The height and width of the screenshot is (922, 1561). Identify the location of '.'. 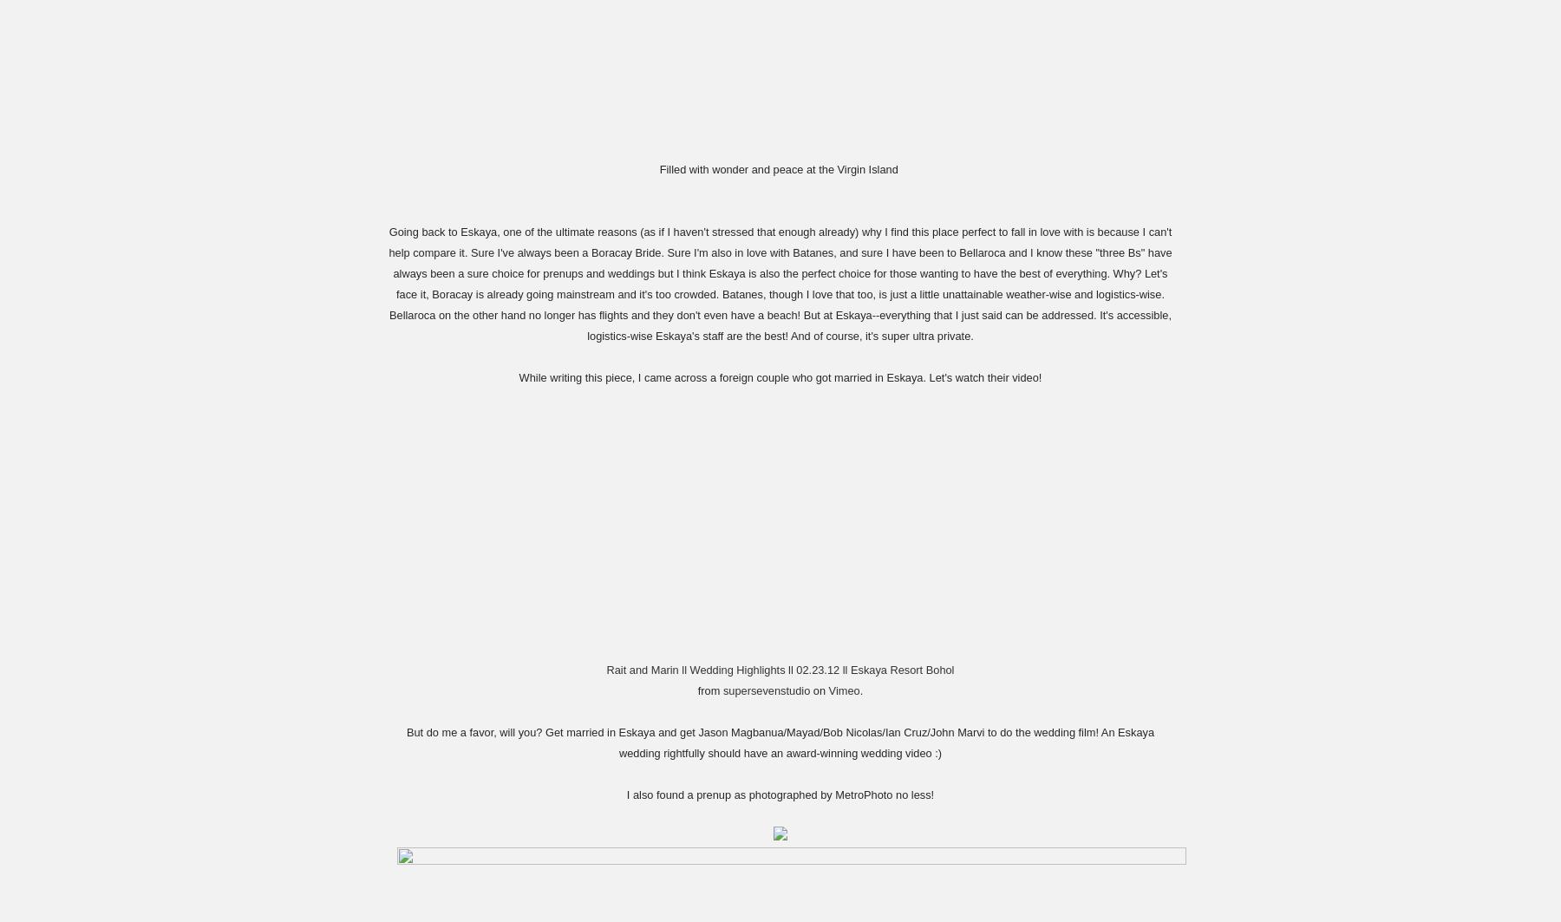
(860, 689).